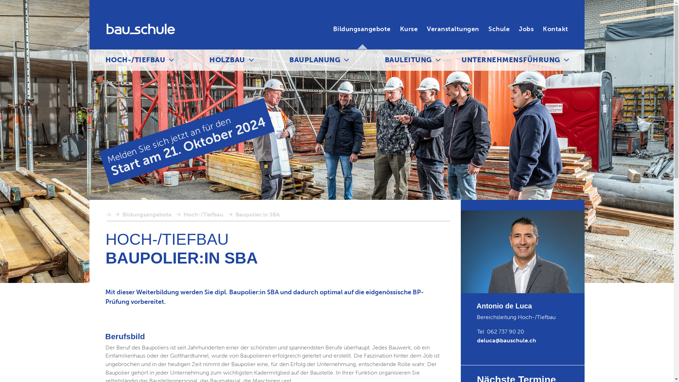 This screenshot has height=382, width=679. Describe the element at coordinates (227, 59) in the screenshot. I see `'HOLZBAU'` at that location.